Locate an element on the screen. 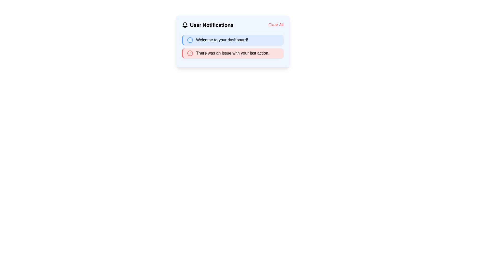  the Informational notification box located below the 'User Notifications' heading, which provides a positive welcome message to the user is located at coordinates (232, 40).